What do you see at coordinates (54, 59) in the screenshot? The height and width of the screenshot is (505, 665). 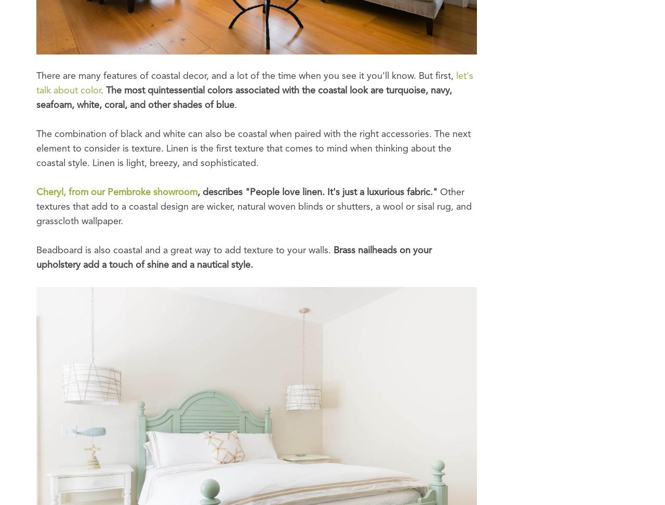 I see `'About Us'` at bounding box center [54, 59].